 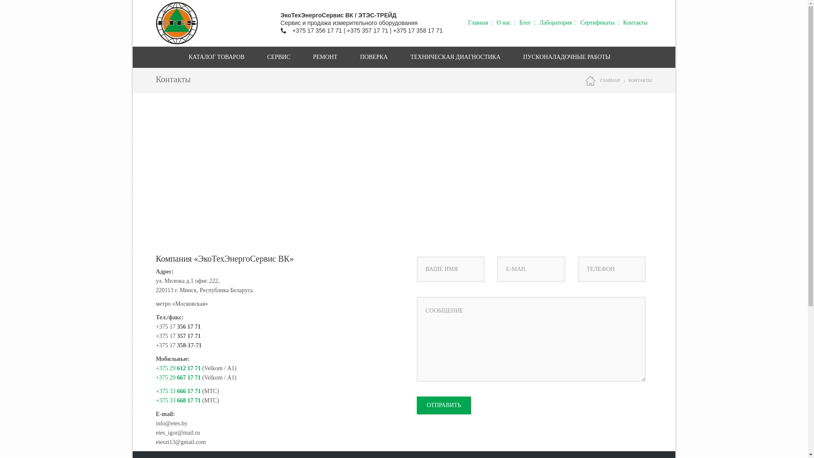 I want to click on '+375 33 666 17 71', so click(x=156, y=391).